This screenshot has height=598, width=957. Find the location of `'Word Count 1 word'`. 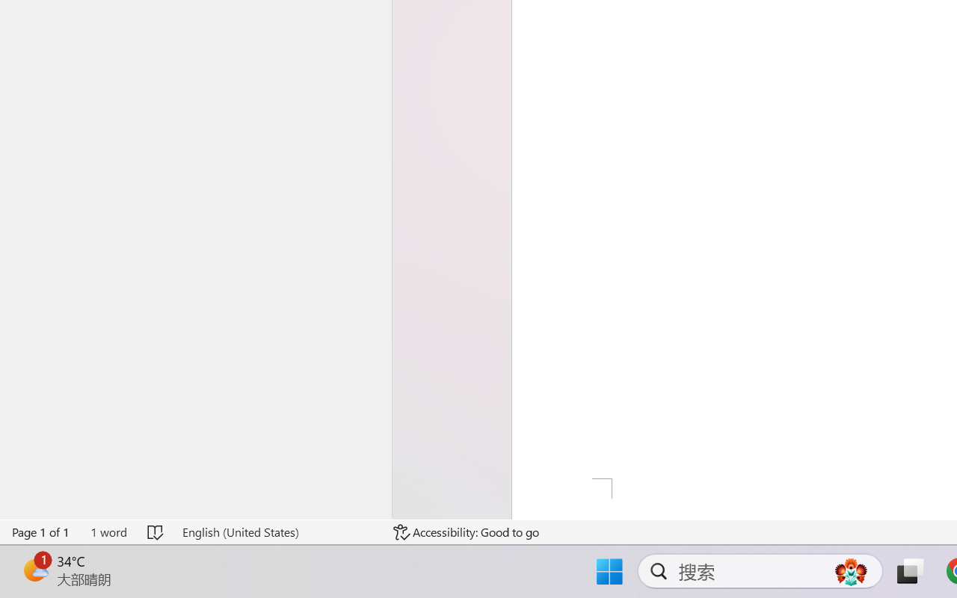

'Word Count 1 word' is located at coordinates (108, 531).